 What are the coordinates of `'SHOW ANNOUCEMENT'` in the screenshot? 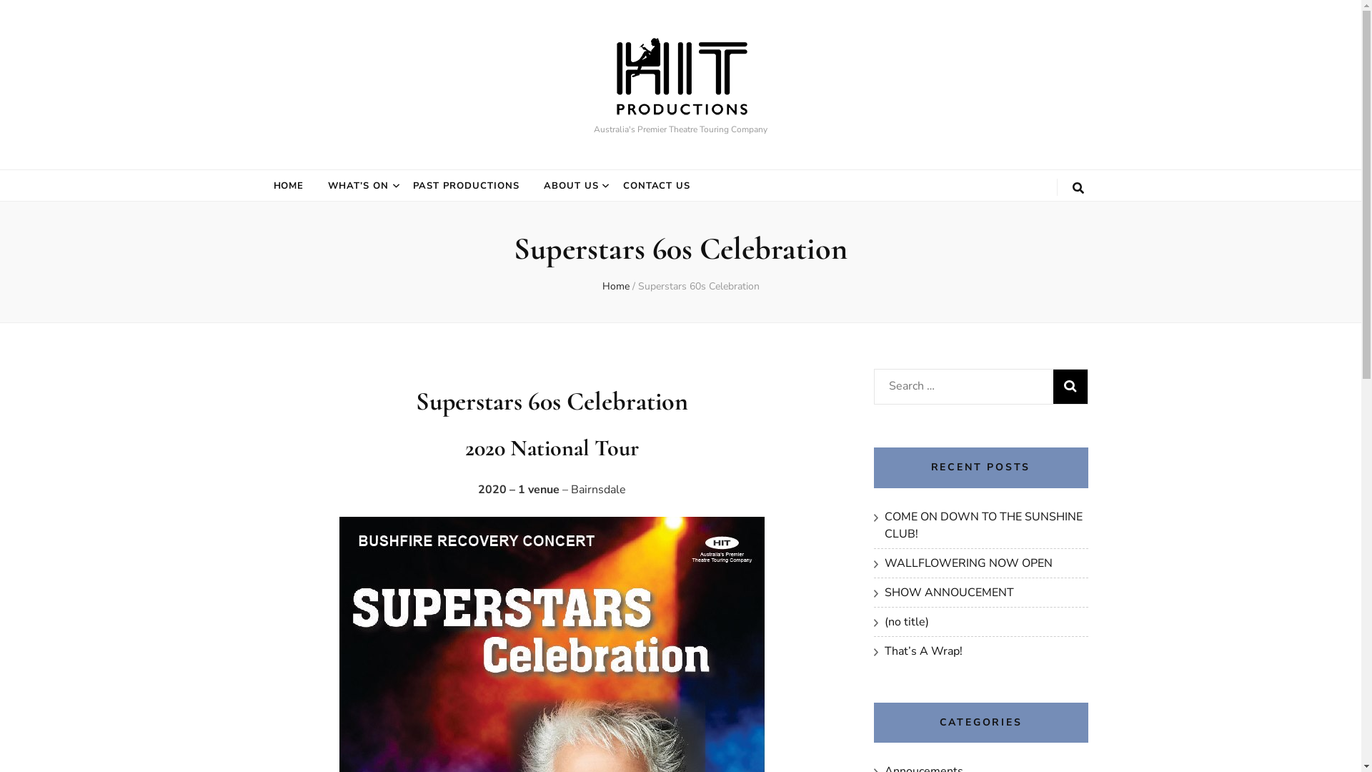 It's located at (884, 593).